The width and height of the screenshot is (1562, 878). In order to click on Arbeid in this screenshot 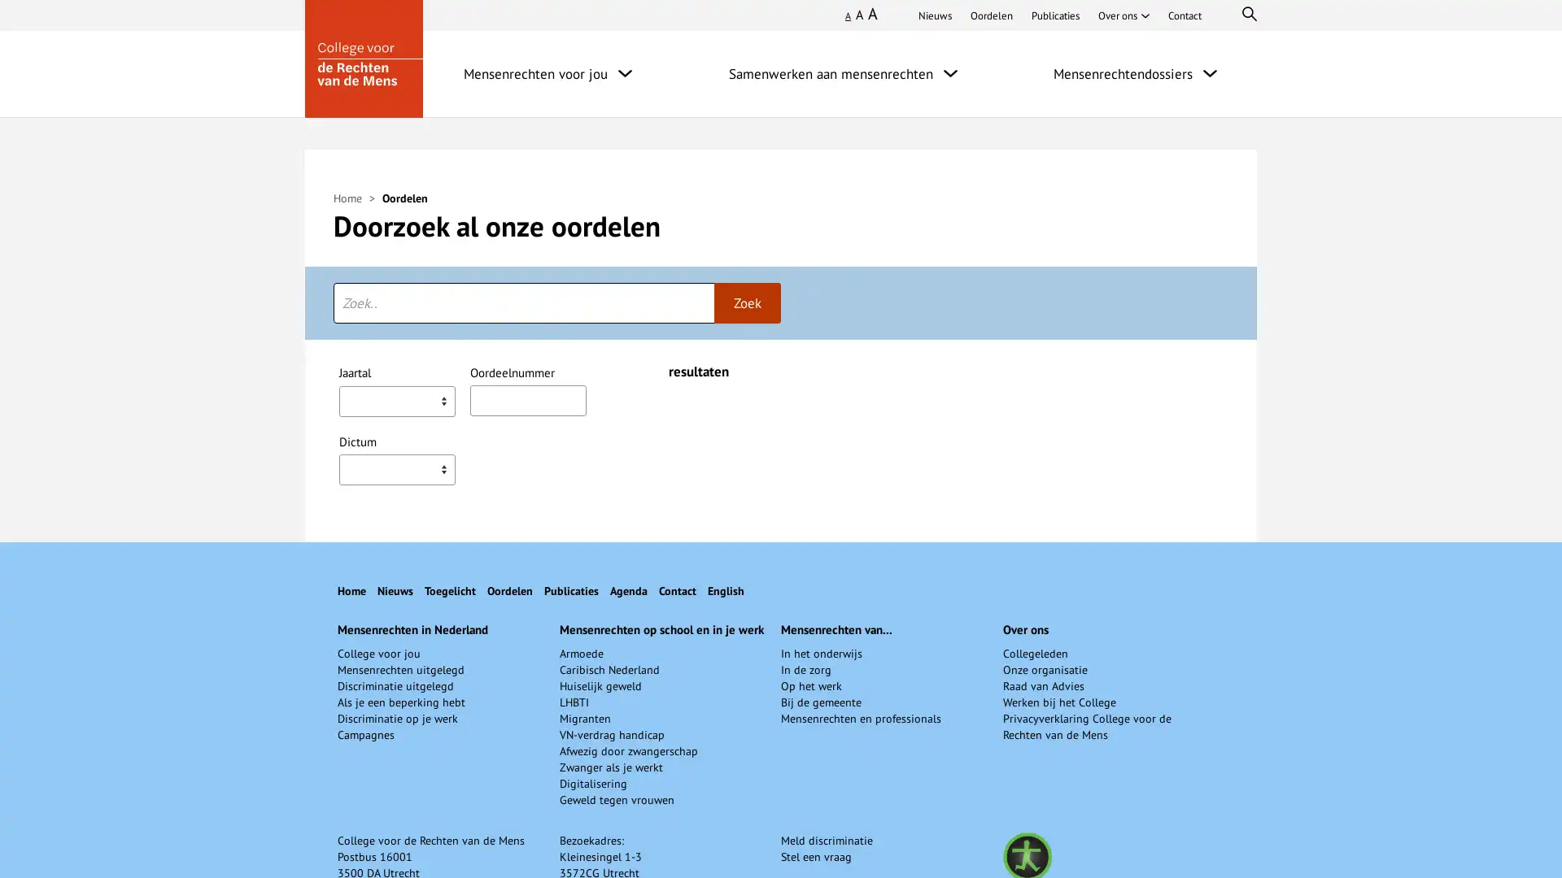, I will do `click(902, 530)`.